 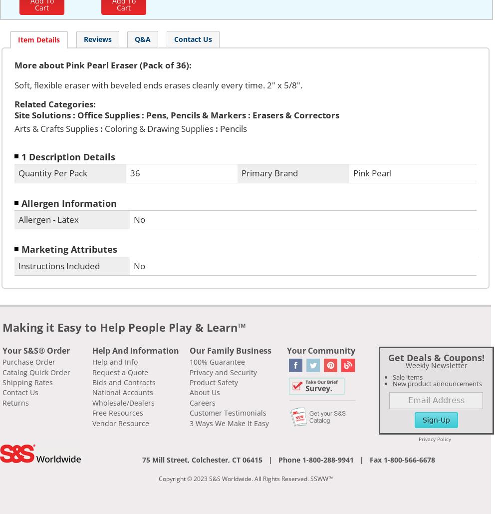 I want to click on 'About Us', so click(x=205, y=392).